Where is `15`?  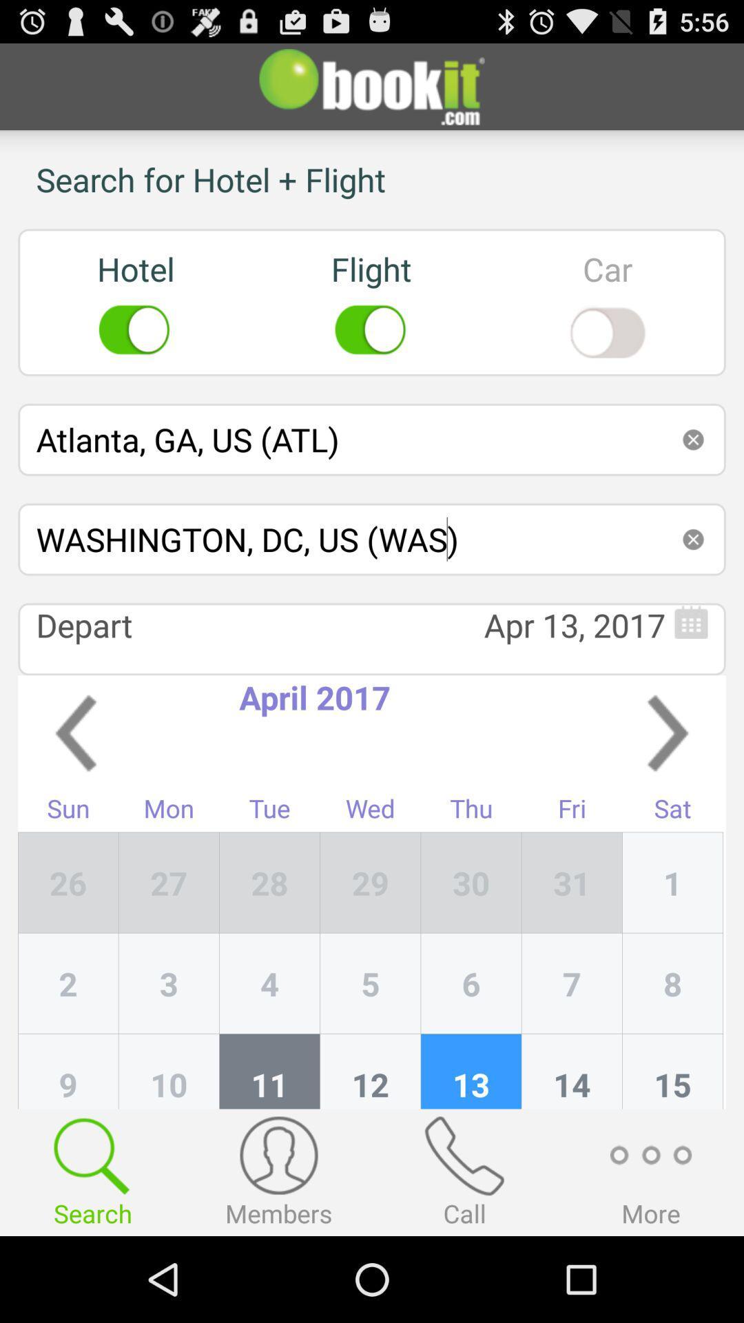
15 is located at coordinates (672, 1071).